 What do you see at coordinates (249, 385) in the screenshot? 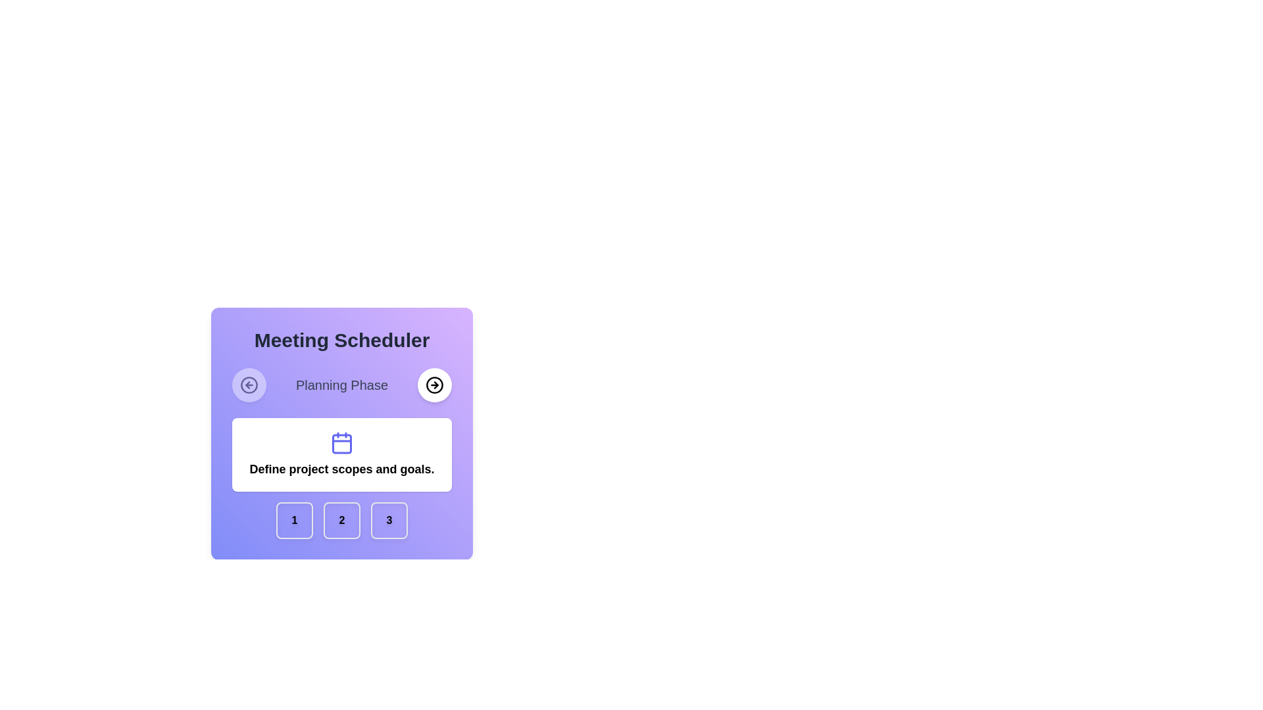
I see `the circular button with a white background and a leftward arrow icon` at bounding box center [249, 385].